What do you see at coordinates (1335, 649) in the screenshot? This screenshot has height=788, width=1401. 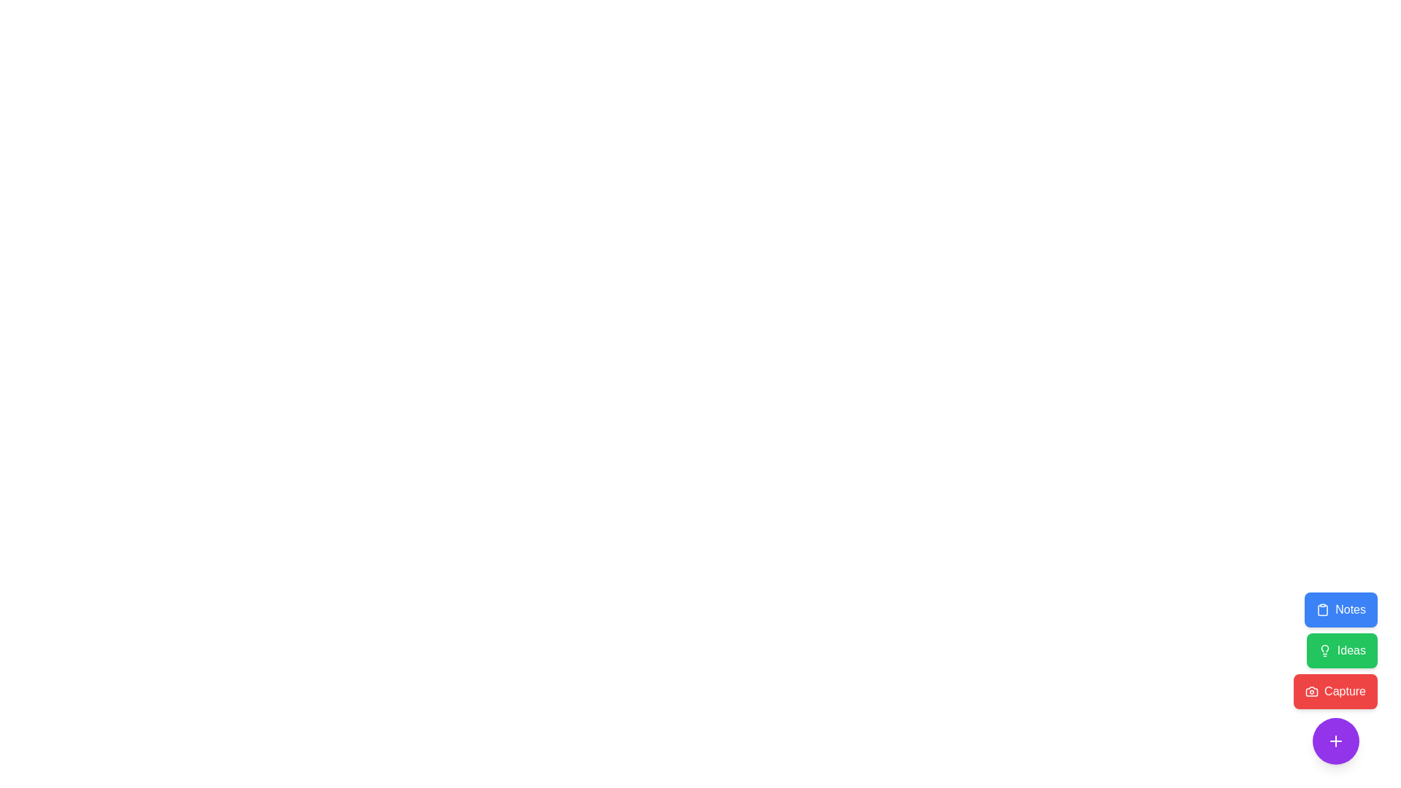 I see `the middle button` at bounding box center [1335, 649].